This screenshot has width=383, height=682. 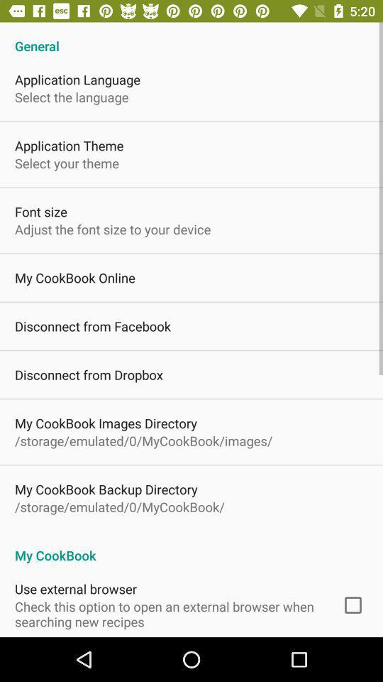 I want to click on checkbox at the bottom right corner, so click(x=352, y=605).